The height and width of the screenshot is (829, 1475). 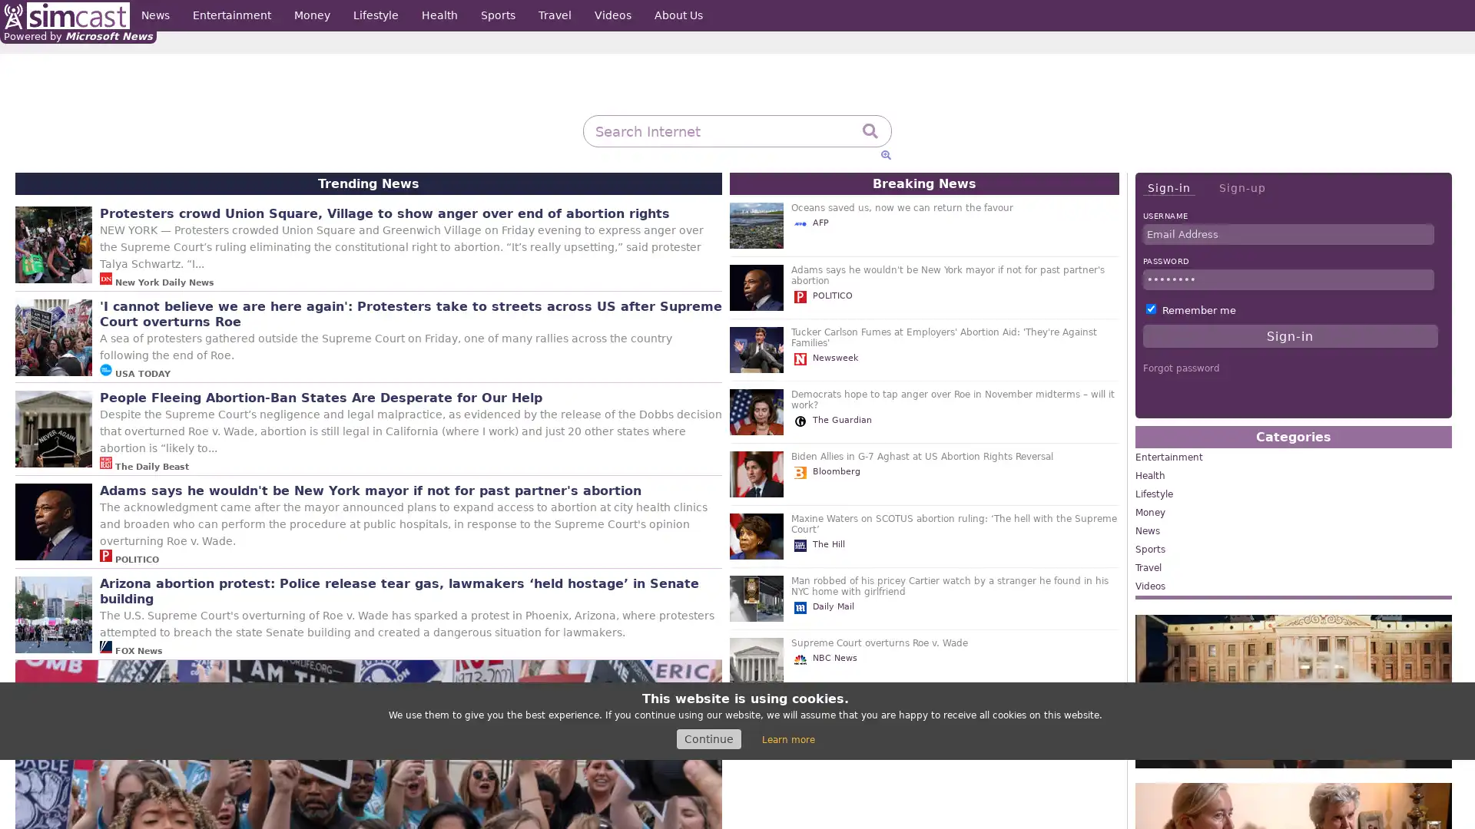 I want to click on Sign-in, so click(x=1290, y=335).